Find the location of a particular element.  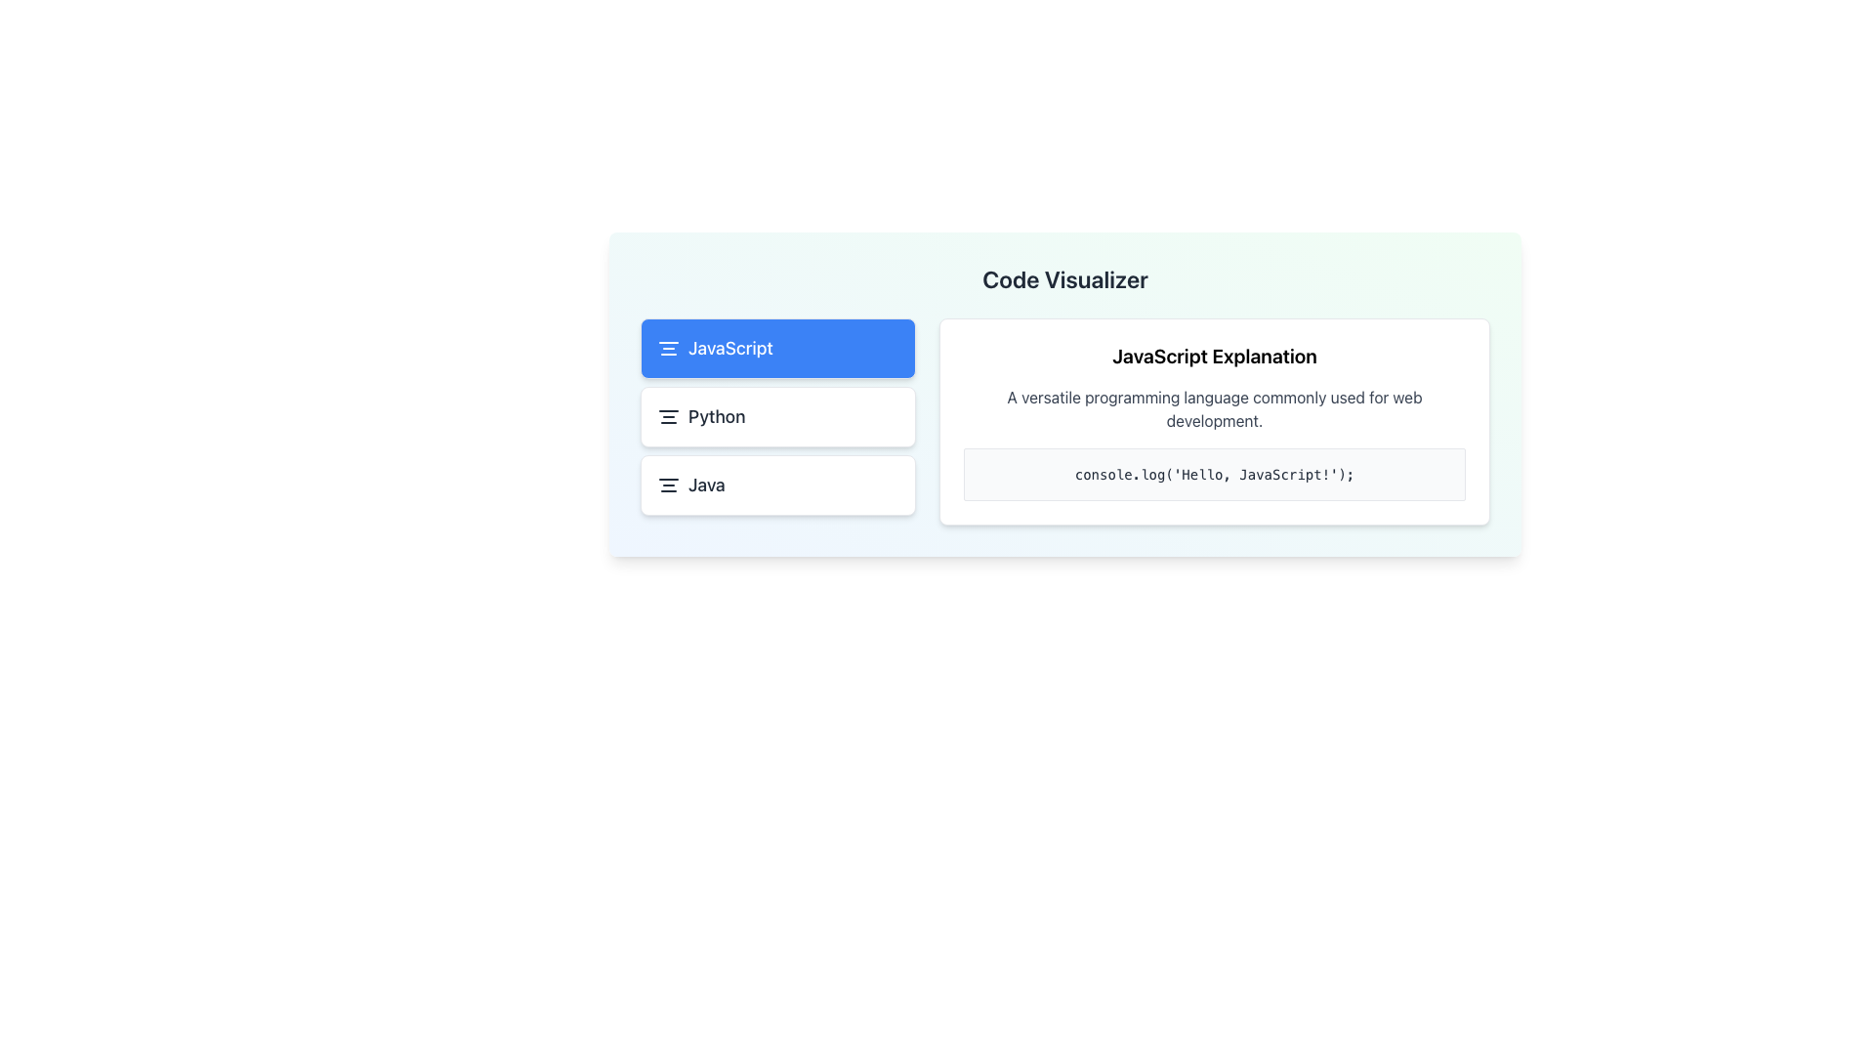

the selectable list item for the Python programming language by using the keyboard, which is positioned below the 'JavaScript' option and above the 'Java' option is located at coordinates (776, 416).